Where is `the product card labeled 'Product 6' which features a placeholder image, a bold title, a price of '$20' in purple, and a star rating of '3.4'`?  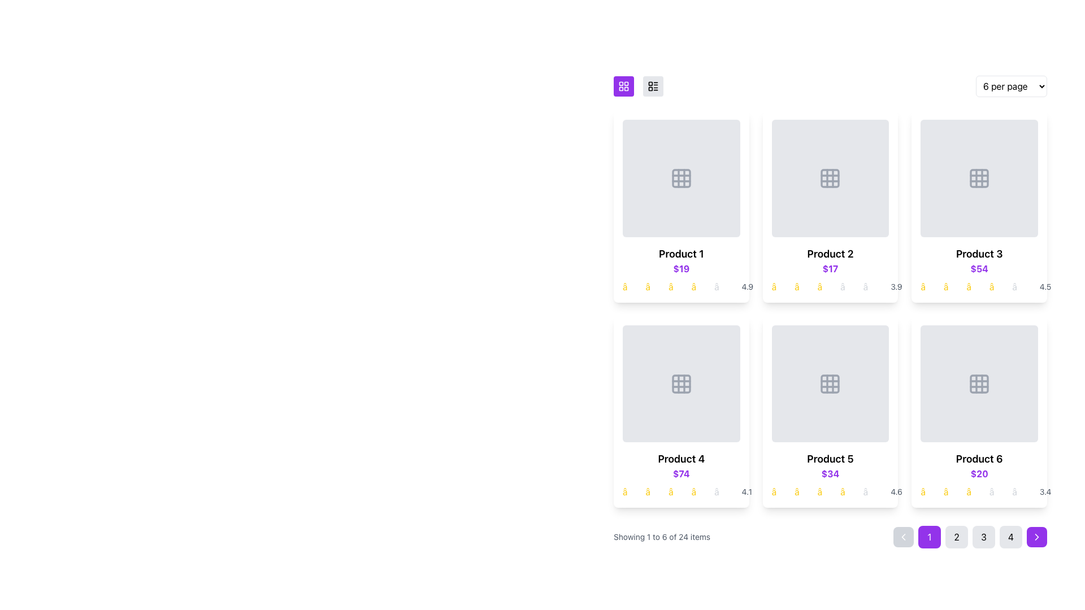
the product card labeled 'Product 6' which features a placeholder image, a bold title, a price of '$20' in purple, and a star rating of '3.4' is located at coordinates (979, 412).